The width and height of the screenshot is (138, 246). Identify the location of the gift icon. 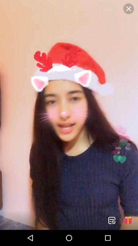
(128, 220).